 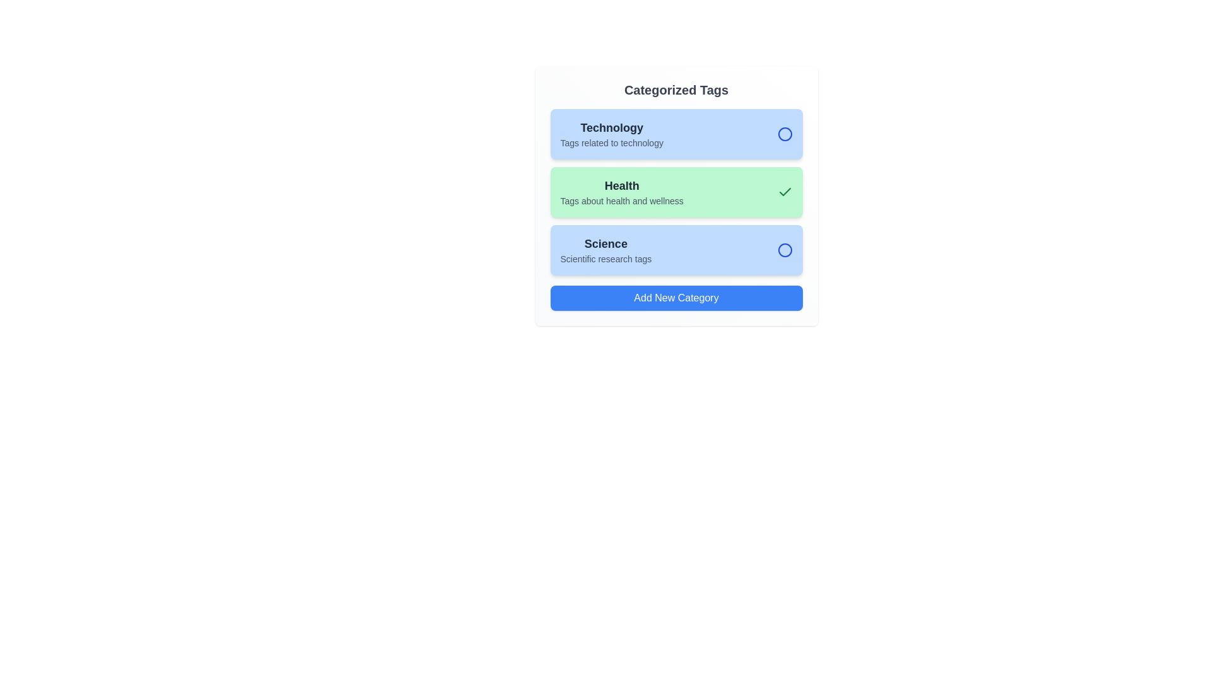 I want to click on the category Science to toggle its selected state, so click(x=676, y=250).